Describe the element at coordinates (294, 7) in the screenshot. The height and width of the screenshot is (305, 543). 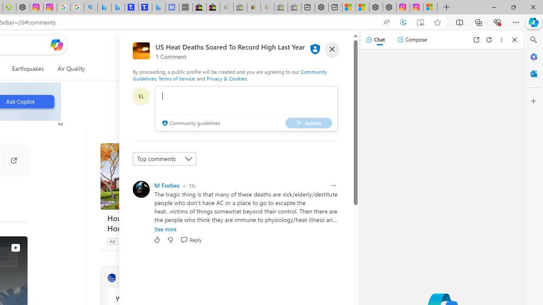
I see `'Yard, Garden & Outdoor Living - Sleeping'` at that location.